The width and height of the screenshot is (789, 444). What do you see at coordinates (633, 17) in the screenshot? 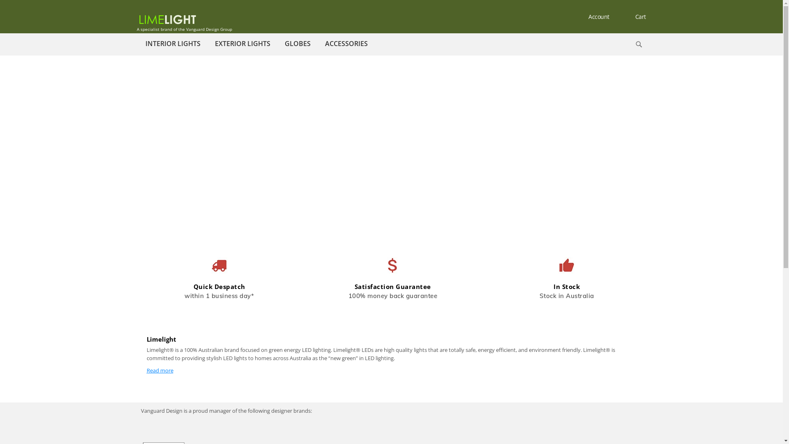
I see `'Cart'` at bounding box center [633, 17].